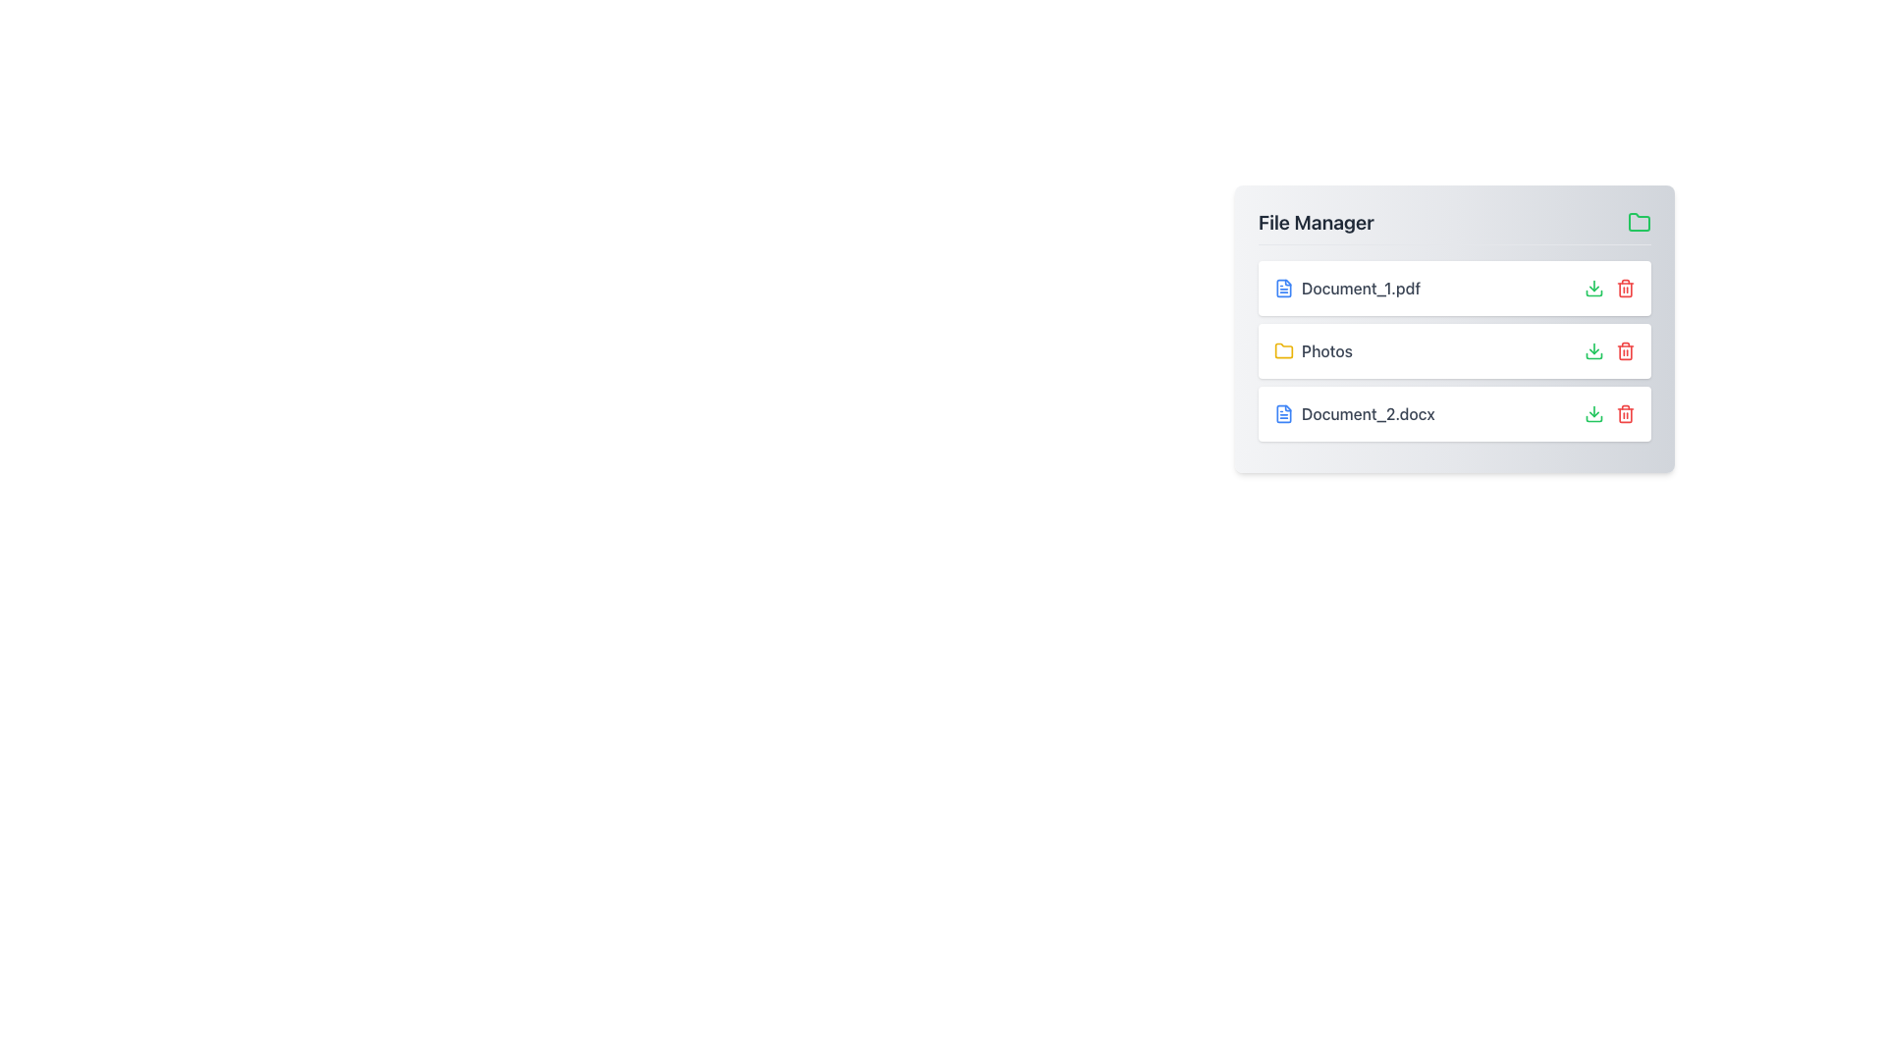  Describe the element at coordinates (1593, 350) in the screenshot. I see `the leftmost download icon located in the File Manager widget, adjacent to the 'Photos' folder entry, to initiate the download of the folder` at that location.